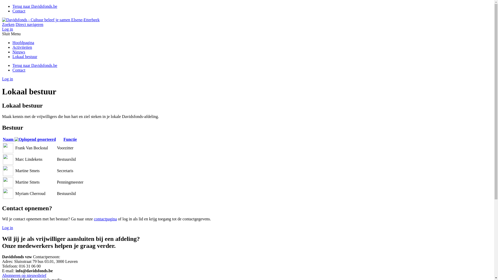 Image resolution: width=498 pixels, height=280 pixels. I want to click on 'Contact', so click(19, 70).